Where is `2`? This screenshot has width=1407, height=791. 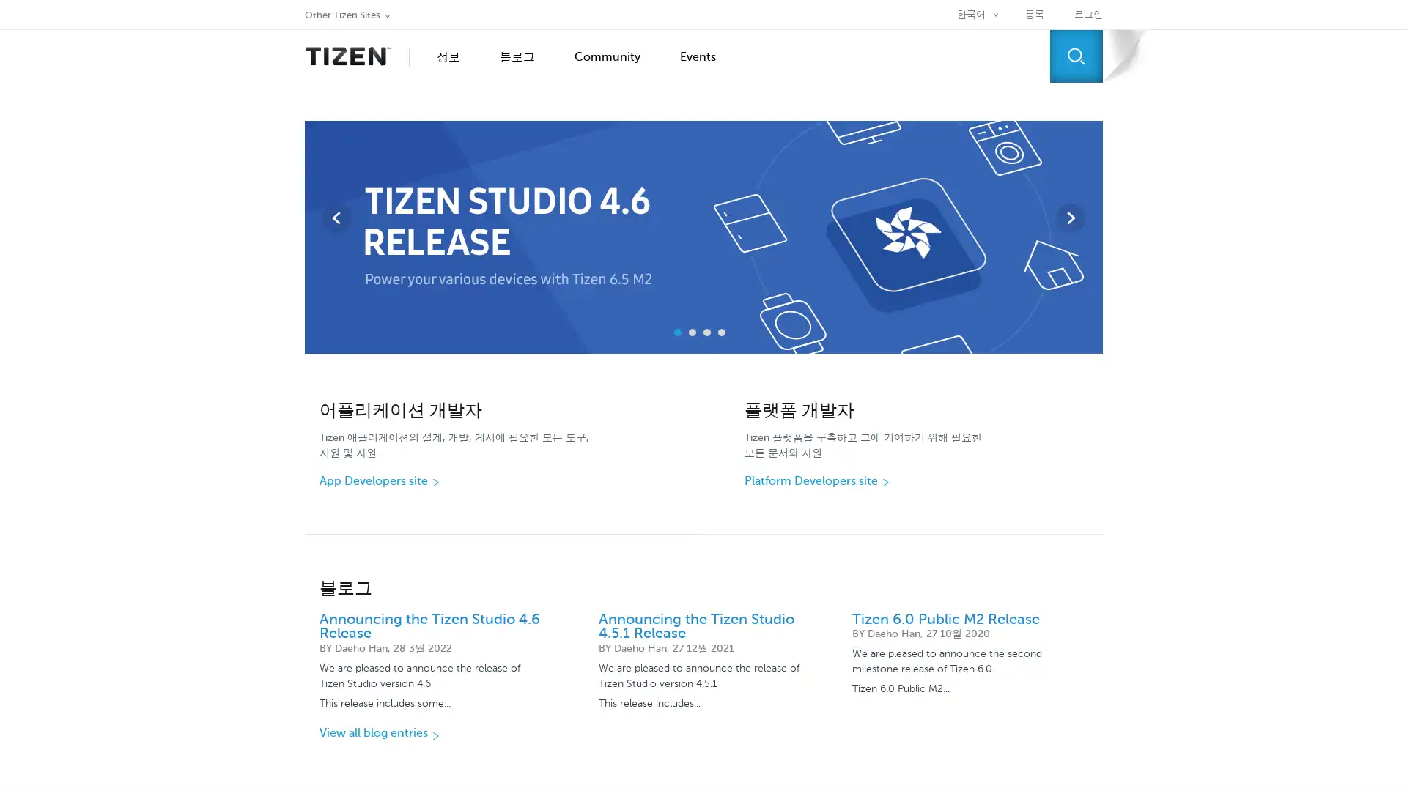
2 is located at coordinates (692, 333).